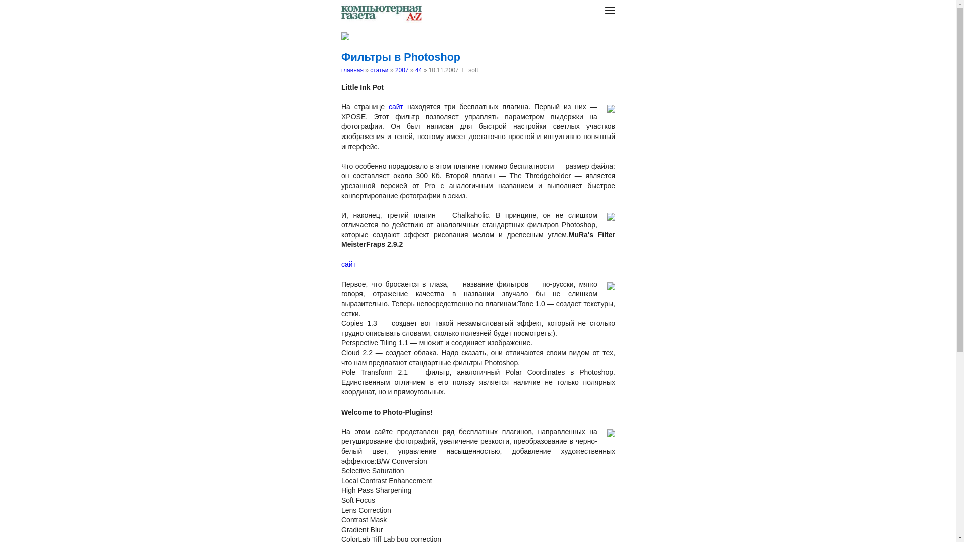  Describe the element at coordinates (402, 69) in the screenshot. I see `'2007'` at that location.